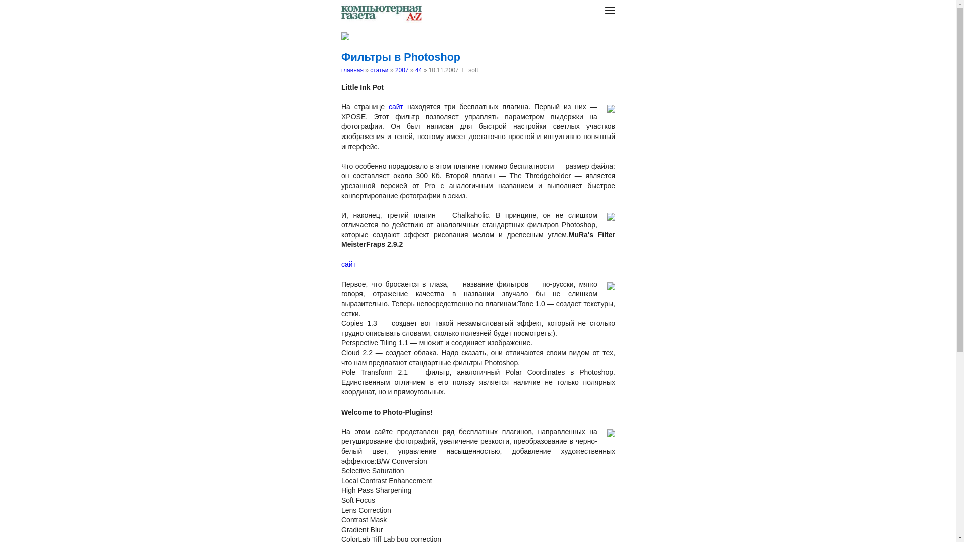  Describe the element at coordinates (402, 69) in the screenshot. I see `'2007'` at that location.